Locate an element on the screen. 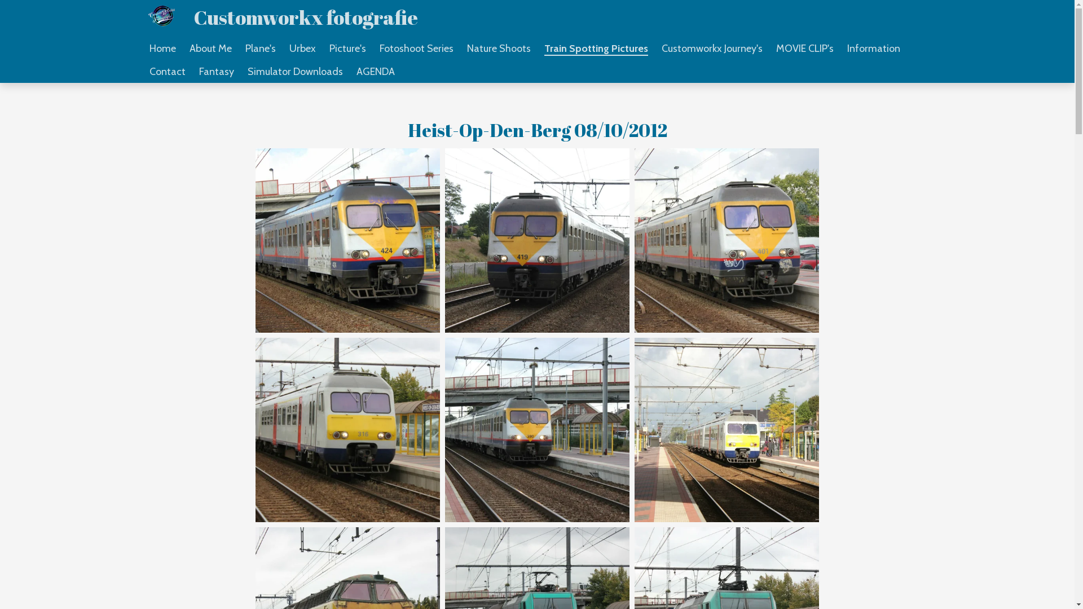  'Customworkx fotografie' is located at coordinates (306, 16).